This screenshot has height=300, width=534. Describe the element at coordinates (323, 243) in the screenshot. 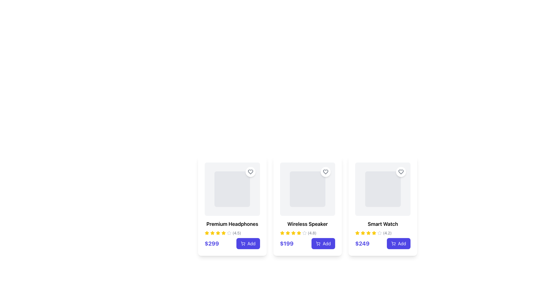

I see `the 'Add to Cart' button located in the bottom-right corner of the 'Wireless Speaker' product card` at that location.